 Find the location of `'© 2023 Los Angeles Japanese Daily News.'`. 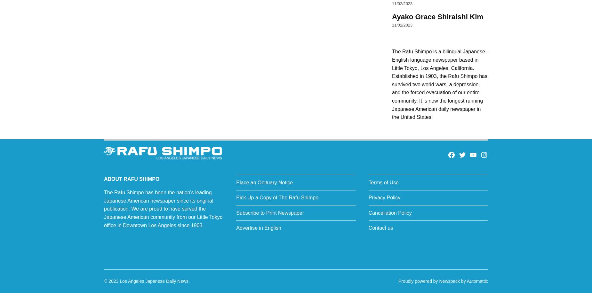

'© 2023 Los Angeles Japanese Daily News.' is located at coordinates (146, 281).